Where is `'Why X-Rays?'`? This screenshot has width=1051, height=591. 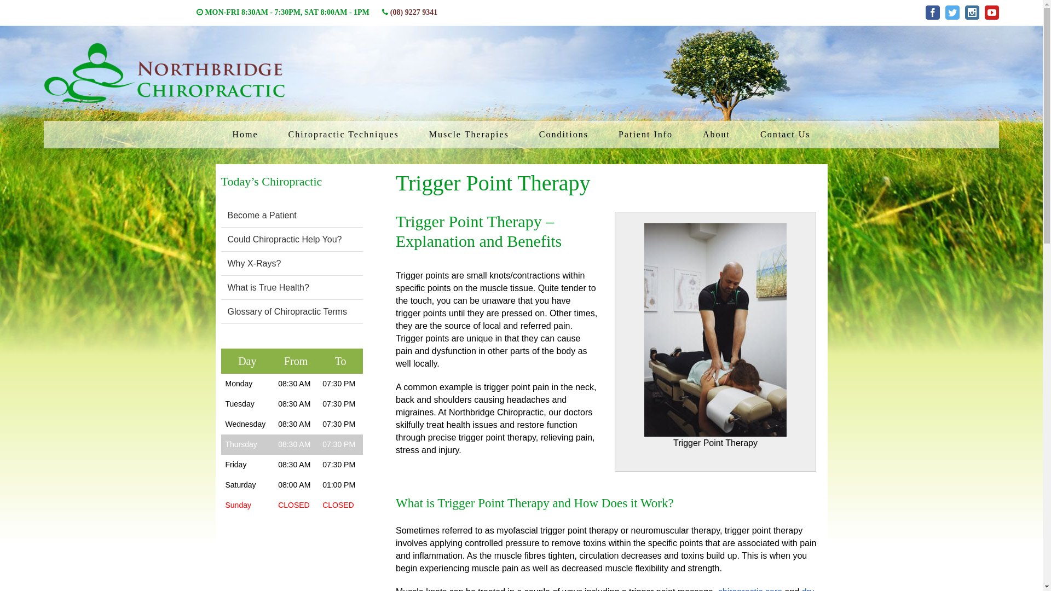 'Why X-Rays?' is located at coordinates (227, 263).